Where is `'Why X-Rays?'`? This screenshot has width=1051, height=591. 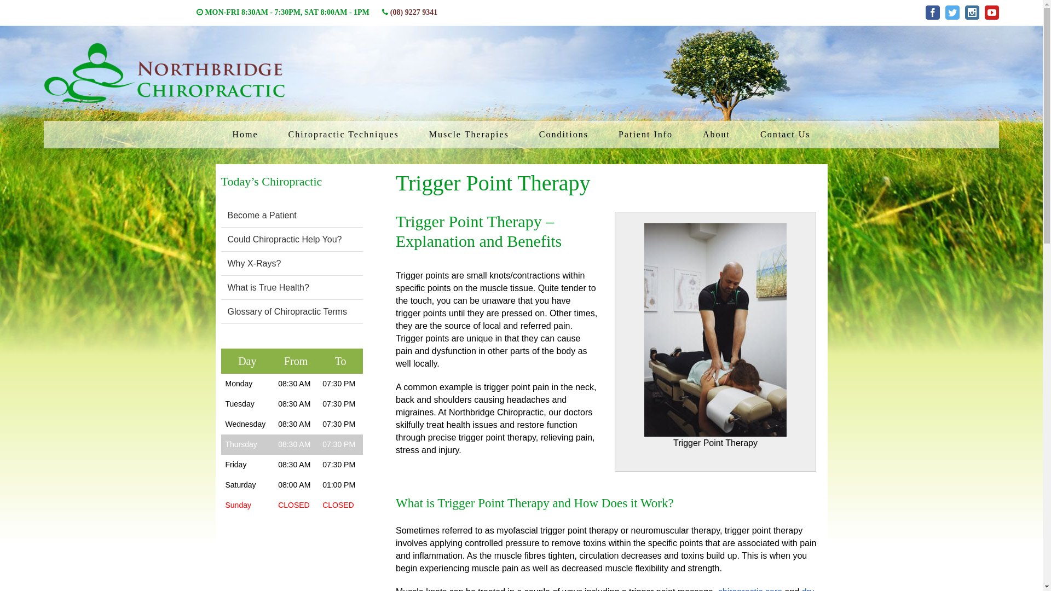 'Why X-Rays?' is located at coordinates (227, 263).